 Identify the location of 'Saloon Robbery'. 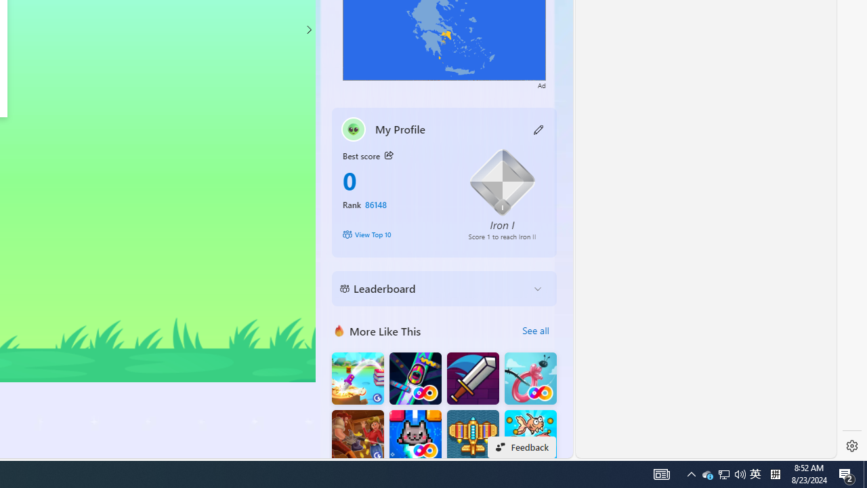
(358, 436).